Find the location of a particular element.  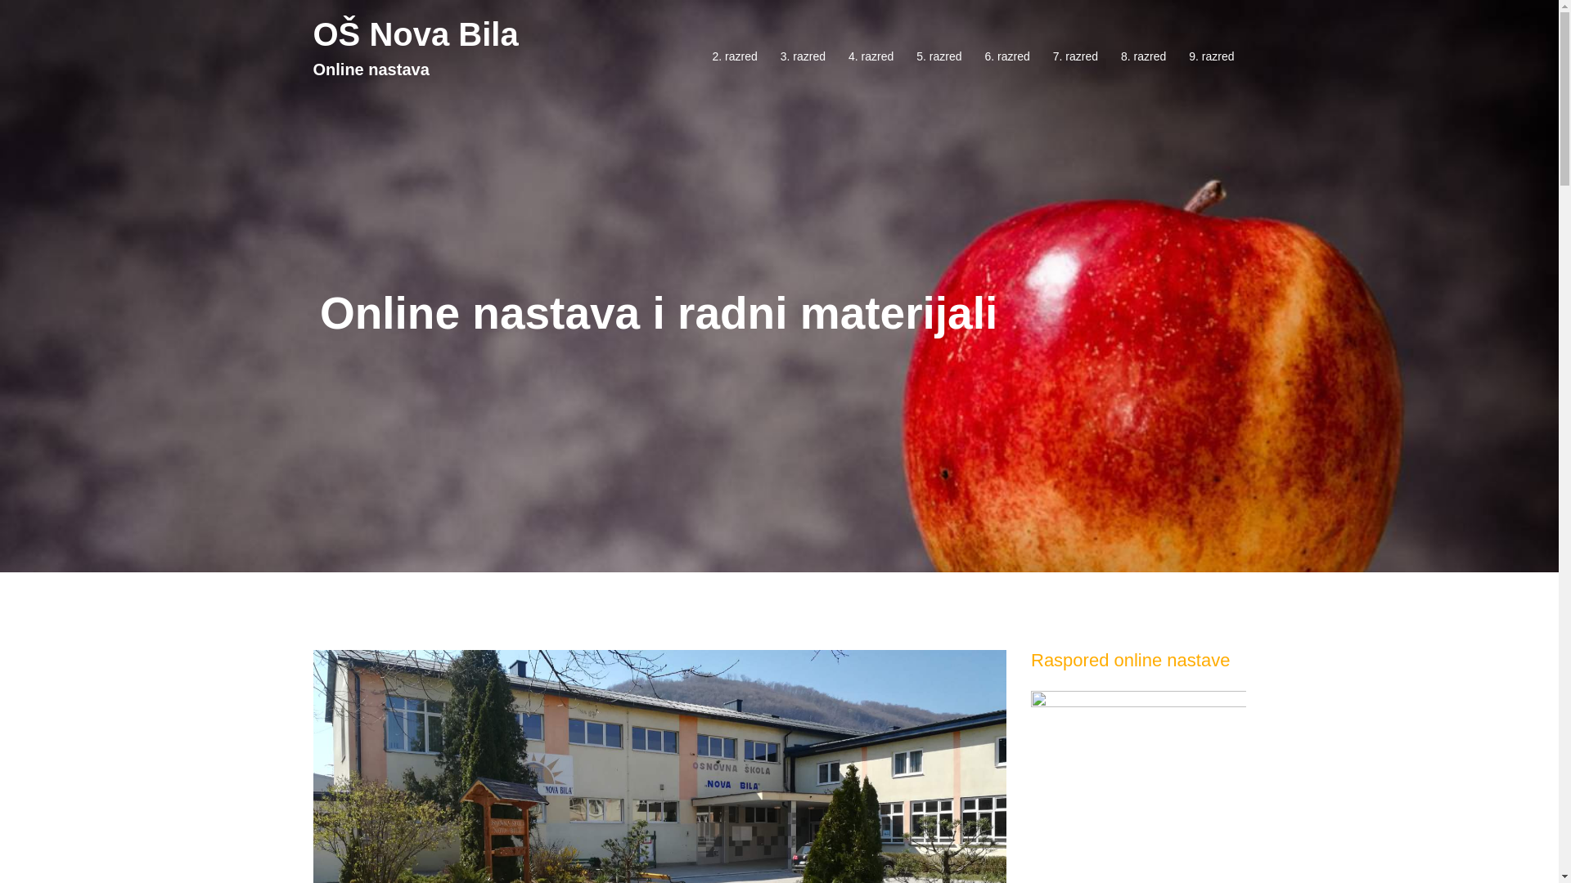

'8. razred' is located at coordinates (1119, 56).